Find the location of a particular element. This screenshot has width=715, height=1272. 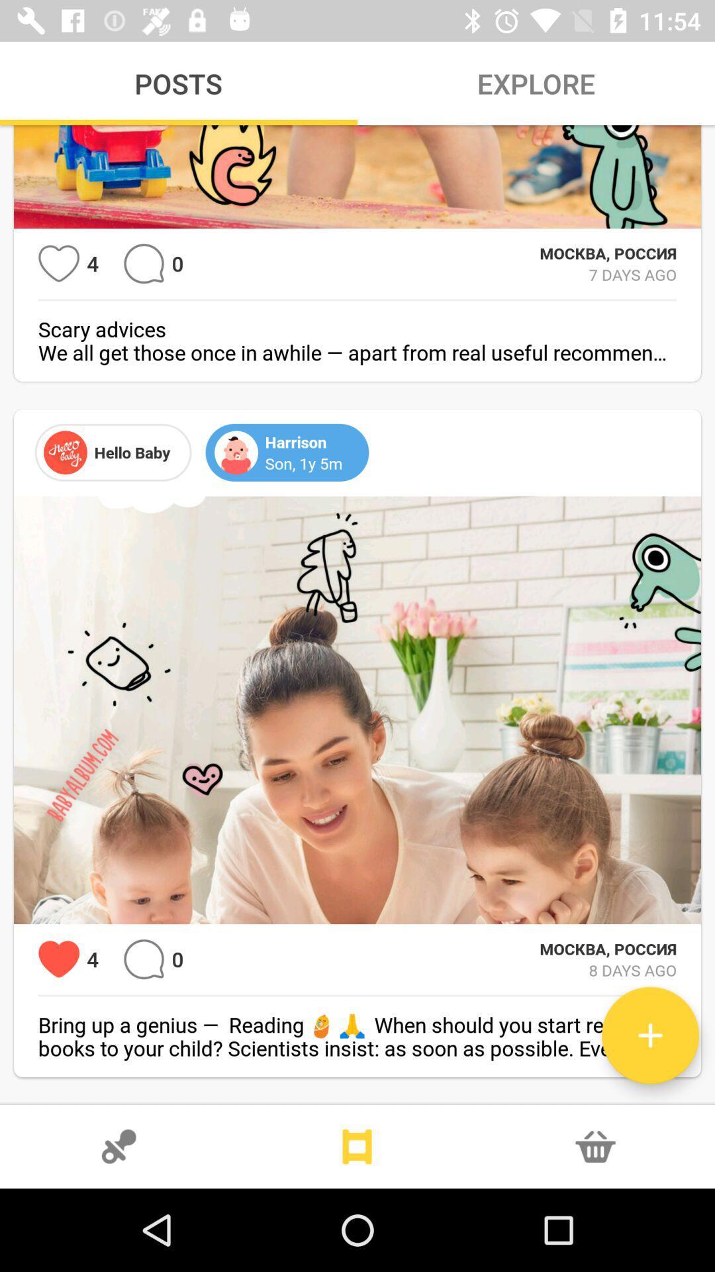

the cart is located at coordinates (595, 1146).